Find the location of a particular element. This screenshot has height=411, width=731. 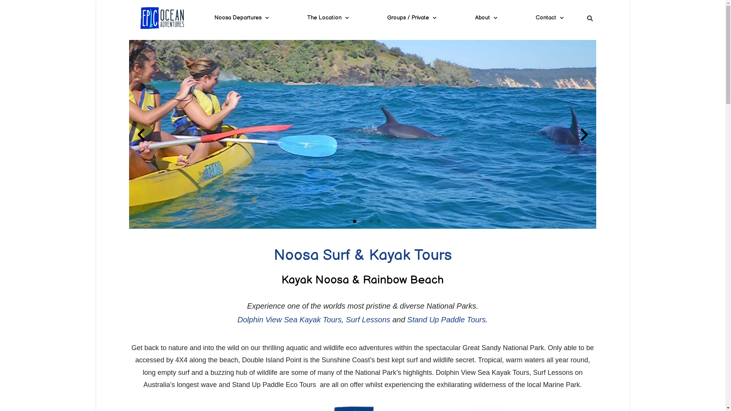

'Contact' is located at coordinates (516, 18).